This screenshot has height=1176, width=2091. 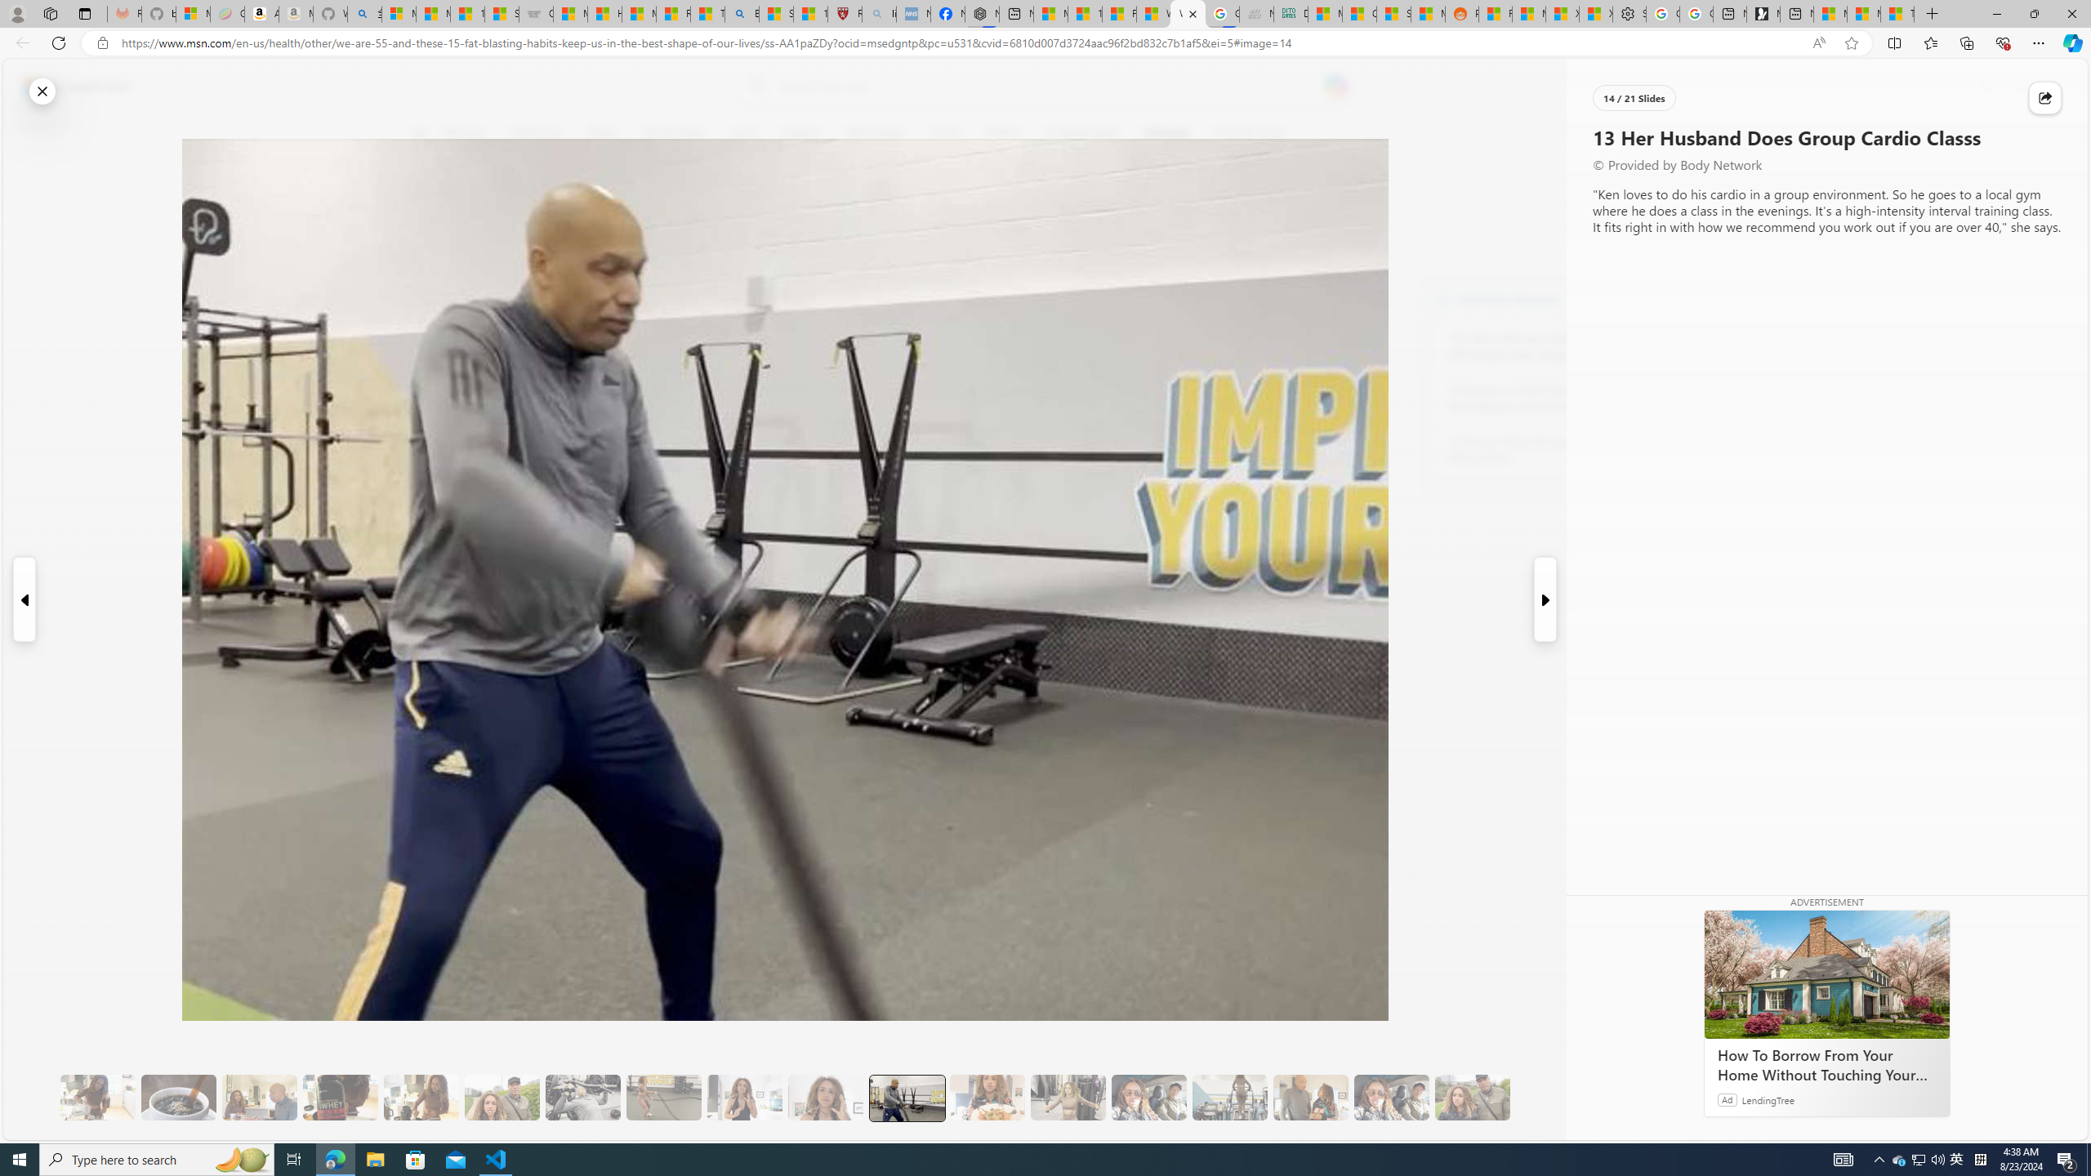 I want to click on '18 It', so click(x=1311, y=1098).